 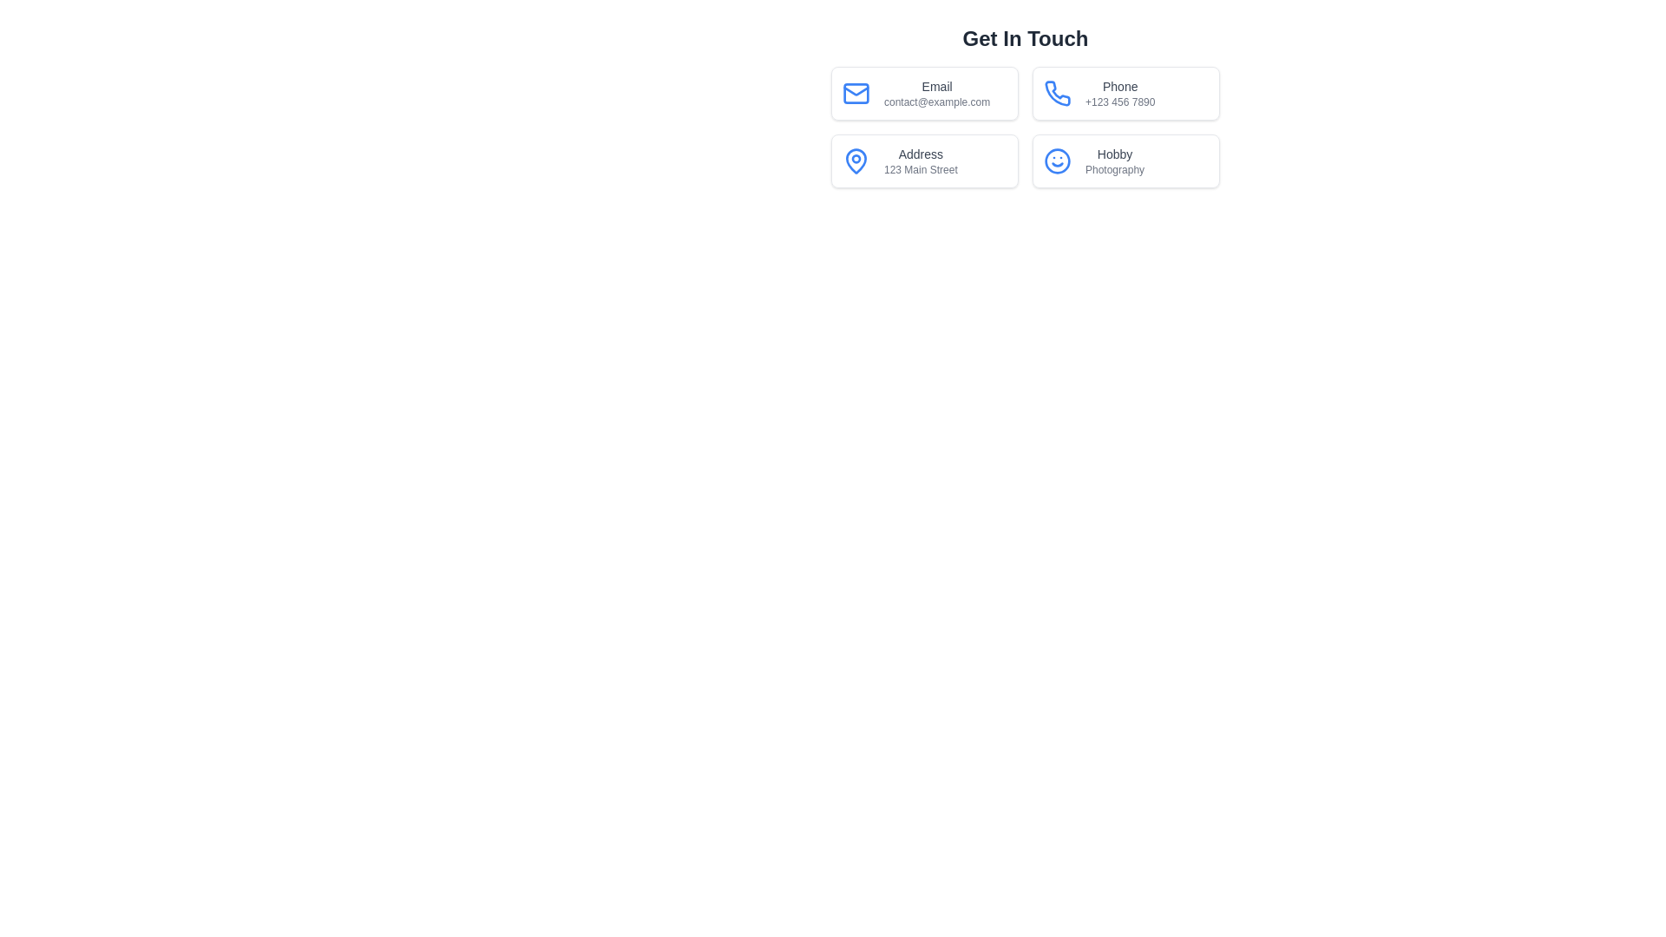 I want to click on the smiley face icon located in the bottom-right section of the grid layout, part of the 'Hobby Photography' card, positioned on the left side of the text content, so click(x=1057, y=161).